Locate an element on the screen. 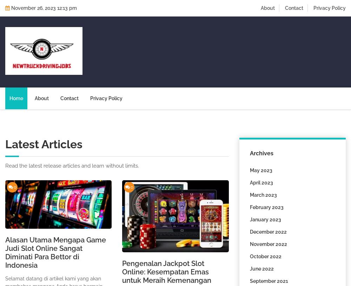 The image size is (351, 286). 'June 2022' is located at coordinates (261, 268).